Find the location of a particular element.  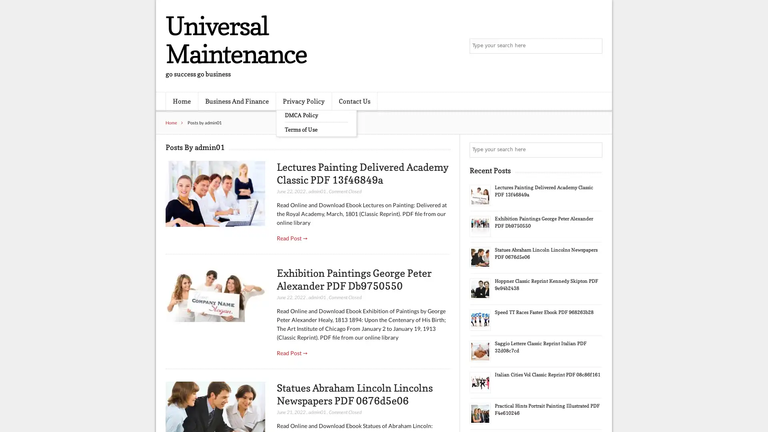

Search is located at coordinates (594, 150).